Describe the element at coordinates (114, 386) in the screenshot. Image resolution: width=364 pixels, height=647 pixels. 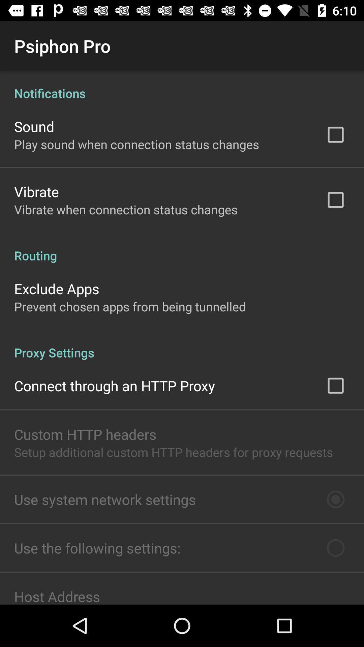
I see `the connect through an item` at that location.